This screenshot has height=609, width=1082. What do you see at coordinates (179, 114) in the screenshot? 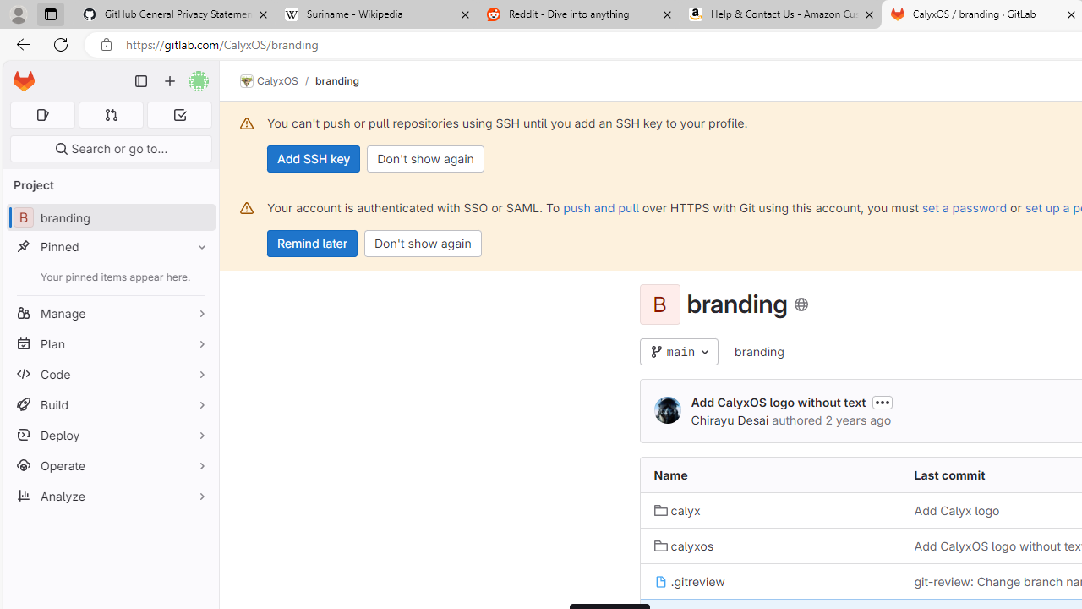
I see `'To-Do list 0'` at bounding box center [179, 114].